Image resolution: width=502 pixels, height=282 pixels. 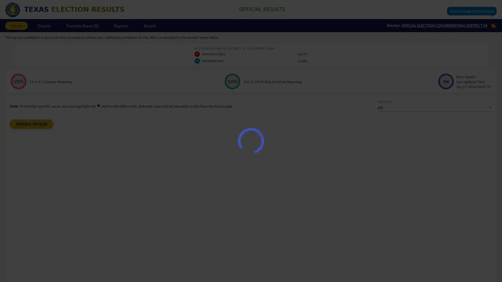 What do you see at coordinates (460, 139) in the screenshot?
I see `List View mode data representation` at bounding box center [460, 139].